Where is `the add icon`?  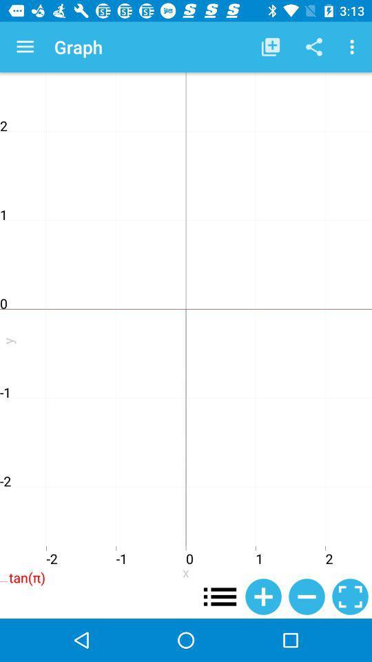
the add icon is located at coordinates (263, 596).